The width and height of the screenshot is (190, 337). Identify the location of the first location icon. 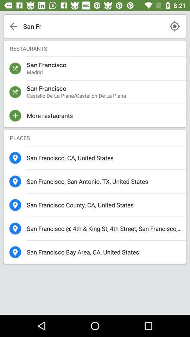
(15, 158).